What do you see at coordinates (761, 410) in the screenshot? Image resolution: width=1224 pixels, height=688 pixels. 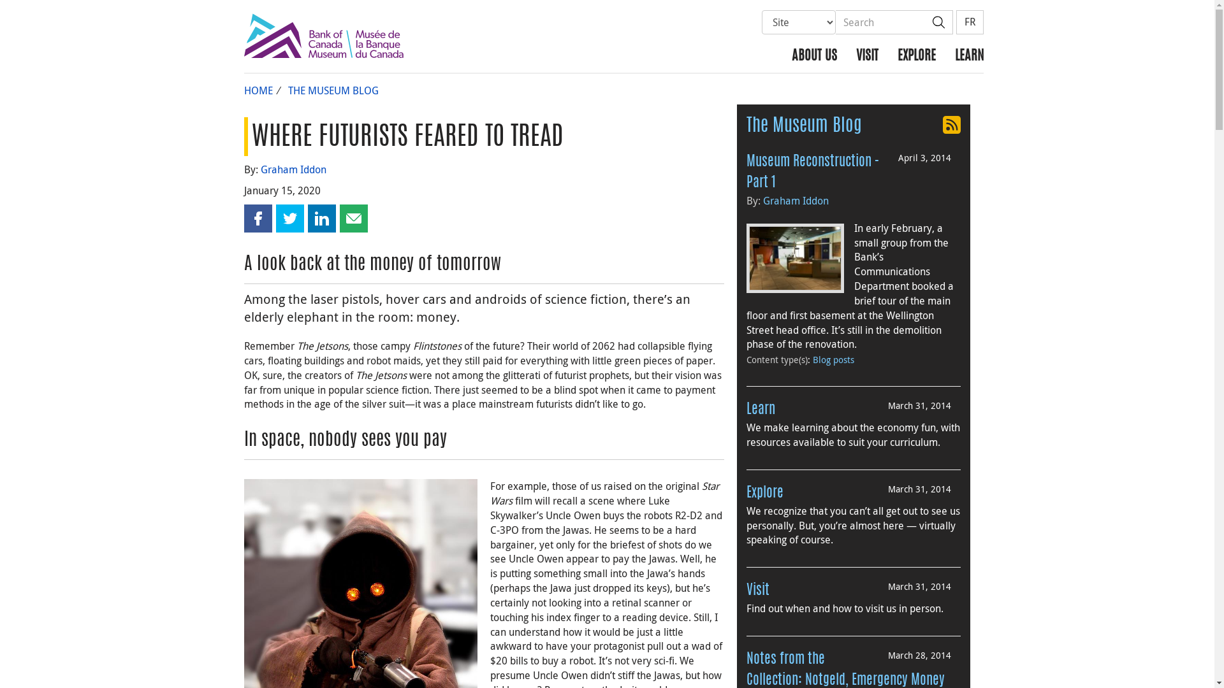 I see `'Learn'` at bounding box center [761, 410].